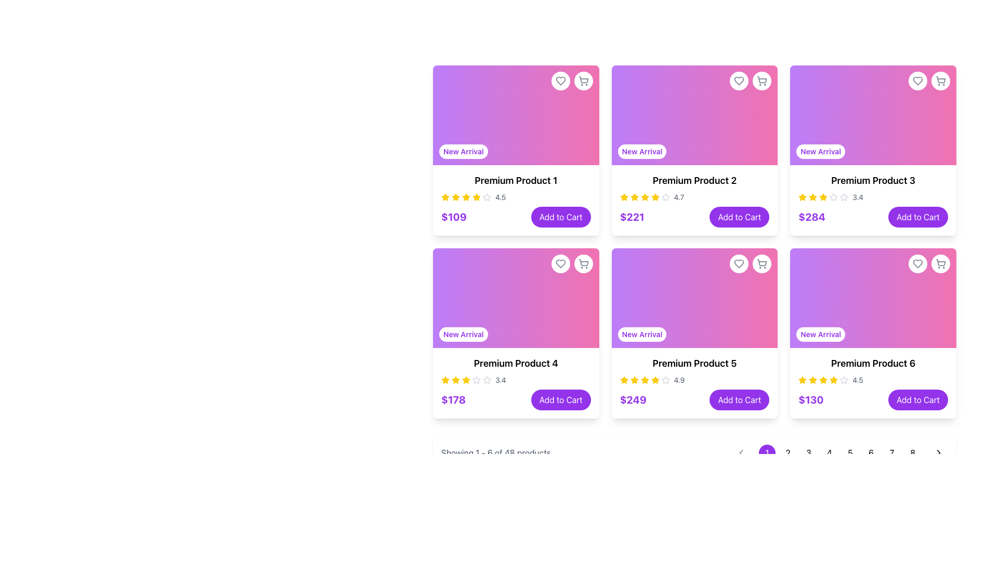  I want to click on the circular button labeled '2' which is part of the pagination buttons at the bottom of the interface, so click(788, 452).